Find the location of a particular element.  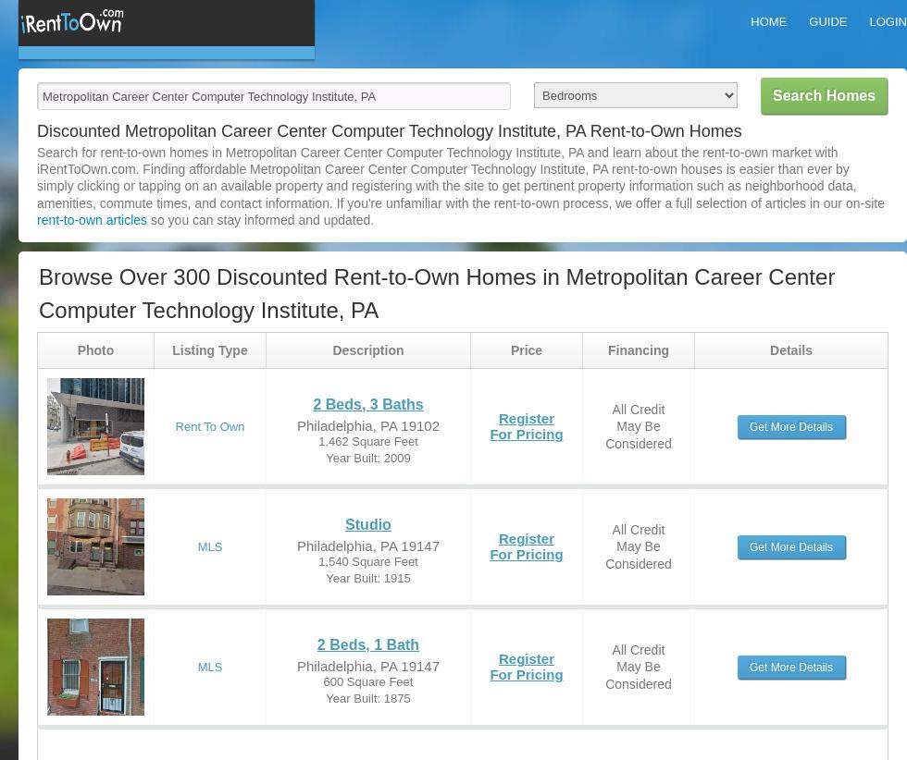

'Guide' is located at coordinates (827, 20).